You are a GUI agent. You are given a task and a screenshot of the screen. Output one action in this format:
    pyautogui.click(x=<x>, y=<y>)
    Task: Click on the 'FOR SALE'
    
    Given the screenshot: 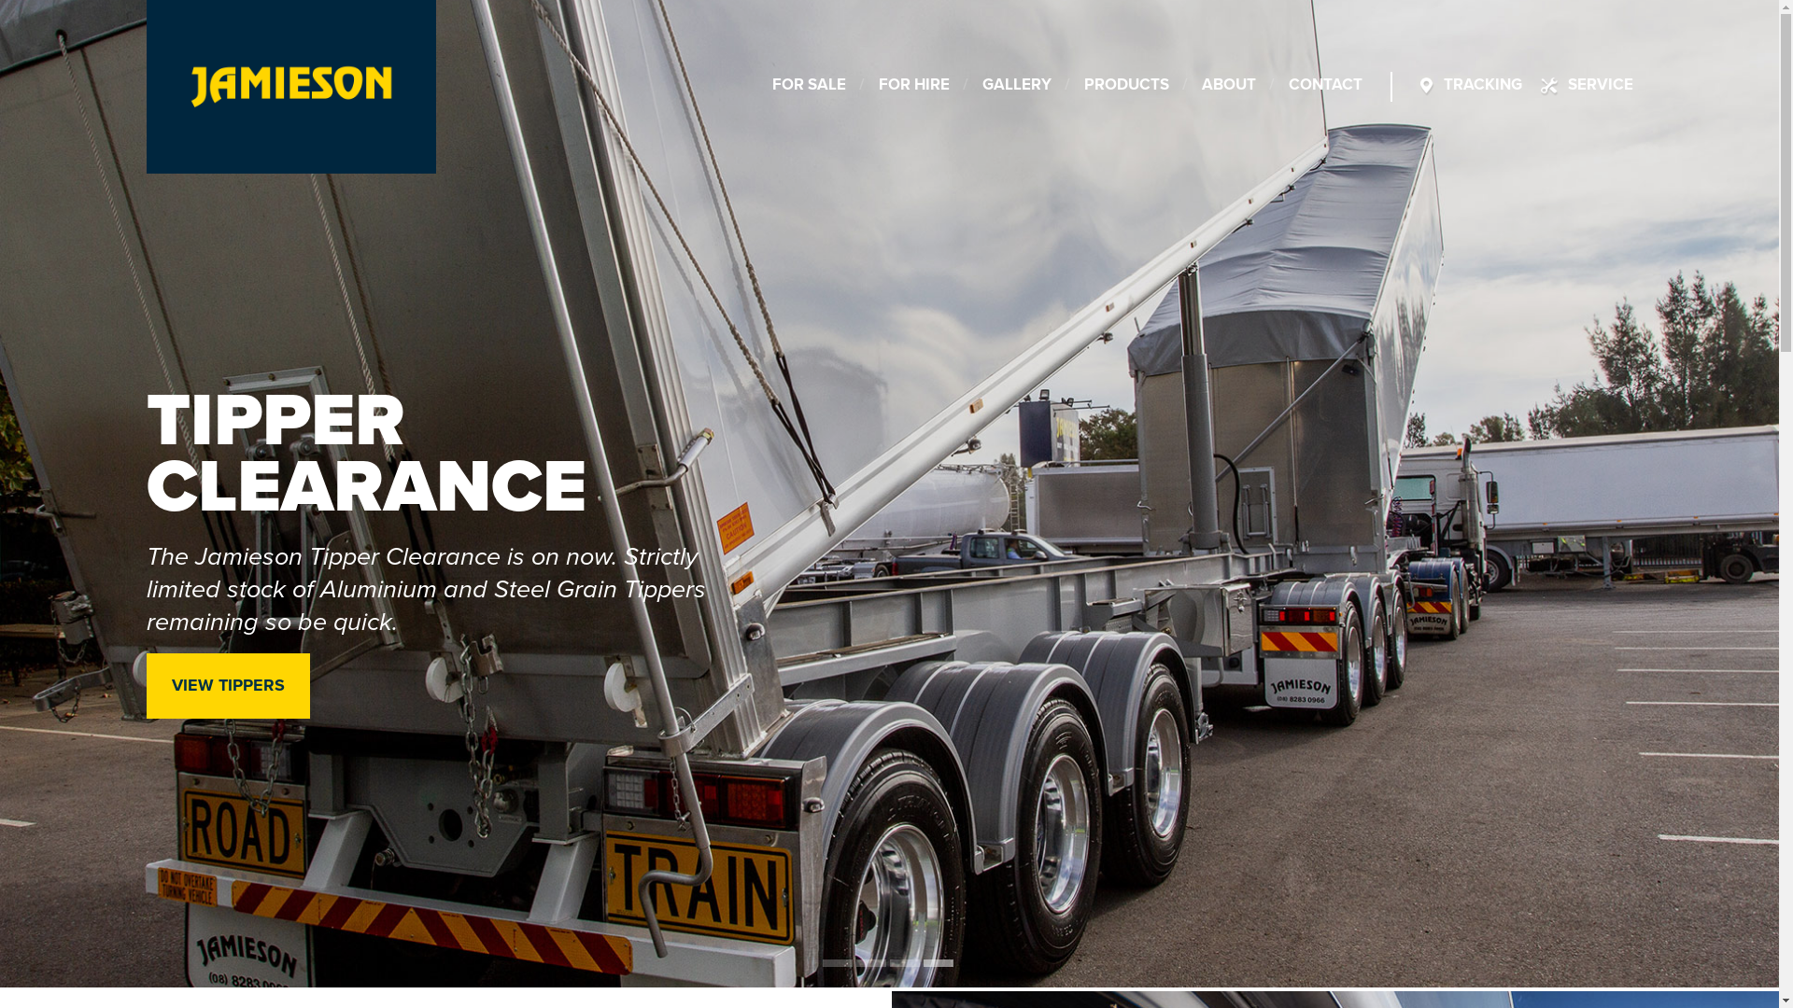 What is the action you would take?
    pyautogui.click(x=809, y=86)
    